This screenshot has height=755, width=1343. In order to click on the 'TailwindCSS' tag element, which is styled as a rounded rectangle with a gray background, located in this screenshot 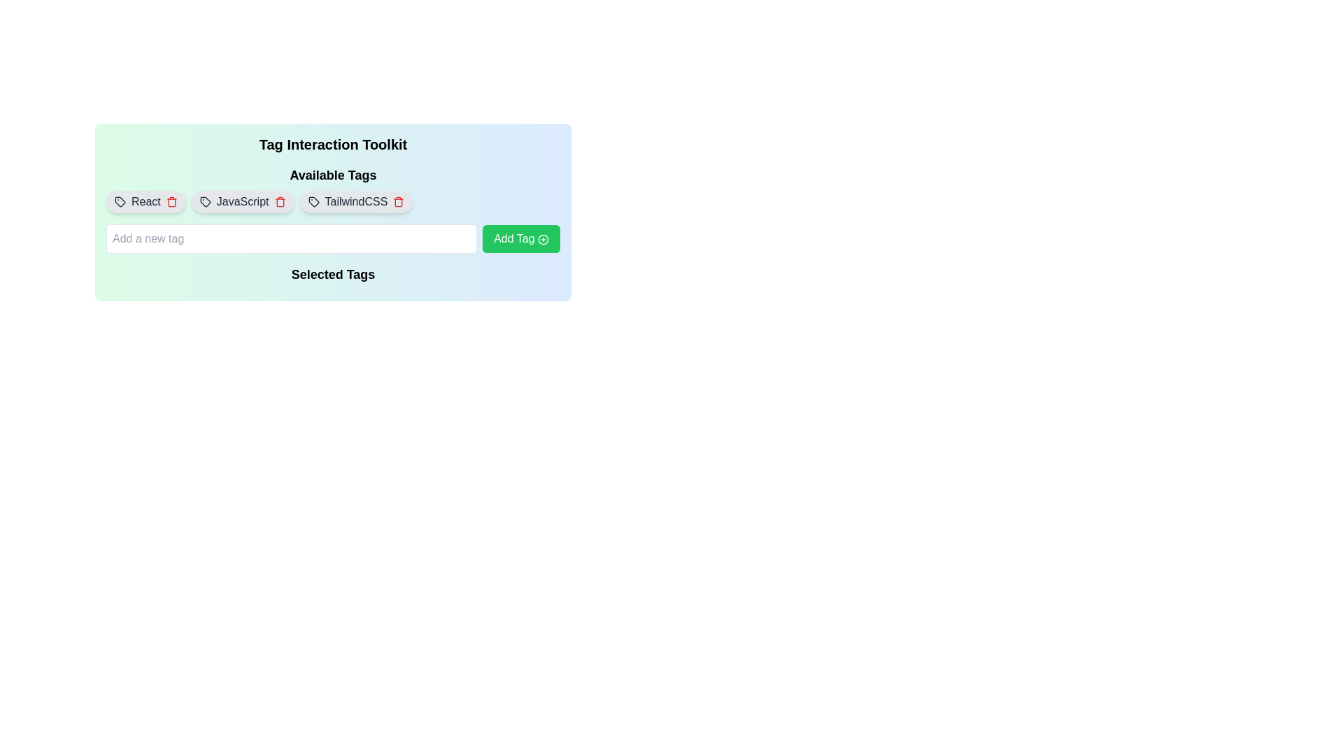, I will do `click(356, 202)`.